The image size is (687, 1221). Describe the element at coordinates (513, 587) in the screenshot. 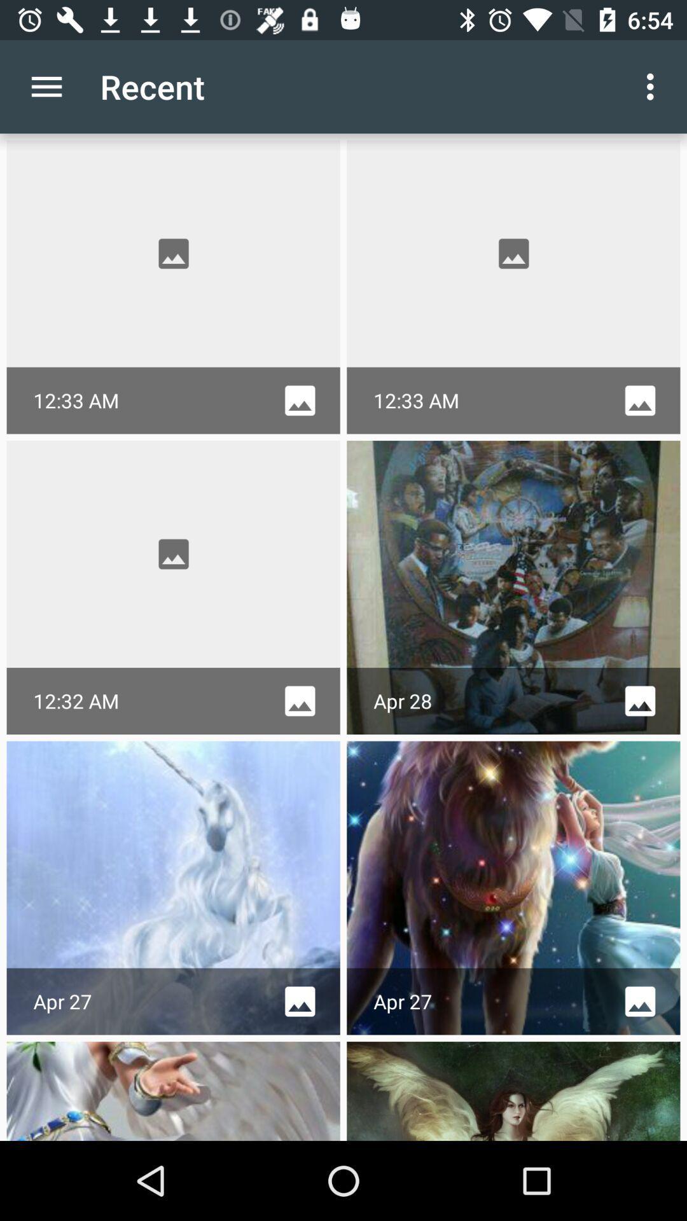

I see `the second image in the second row` at that location.